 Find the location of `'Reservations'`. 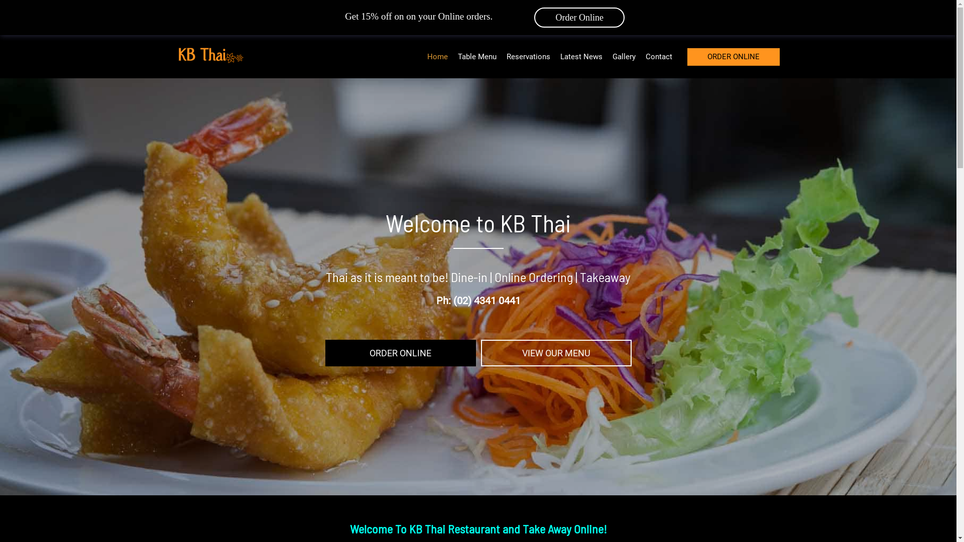

'Reservations' is located at coordinates (527, 56).